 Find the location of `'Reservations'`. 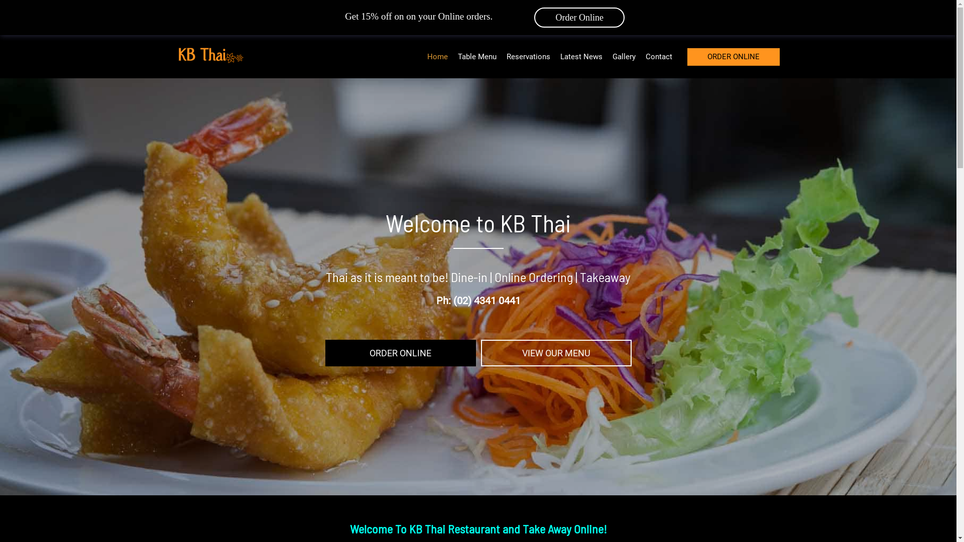

'Reservations' is located at coordinates (527, 56).